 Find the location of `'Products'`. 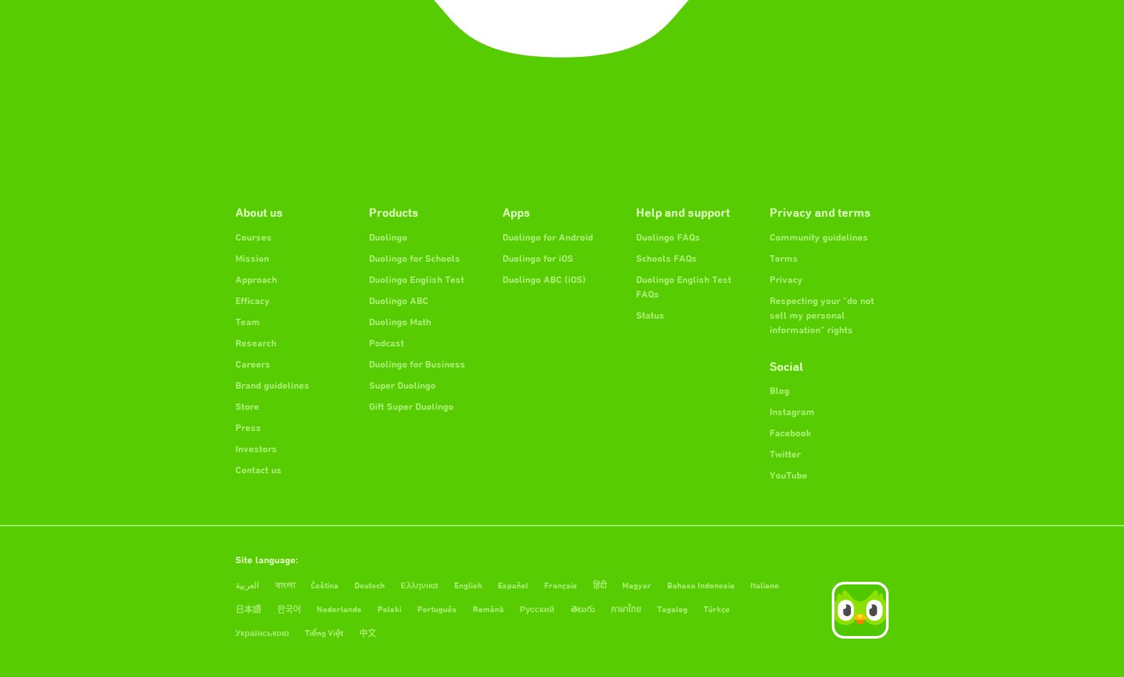

'Products' is located at coordinates (393, 211).